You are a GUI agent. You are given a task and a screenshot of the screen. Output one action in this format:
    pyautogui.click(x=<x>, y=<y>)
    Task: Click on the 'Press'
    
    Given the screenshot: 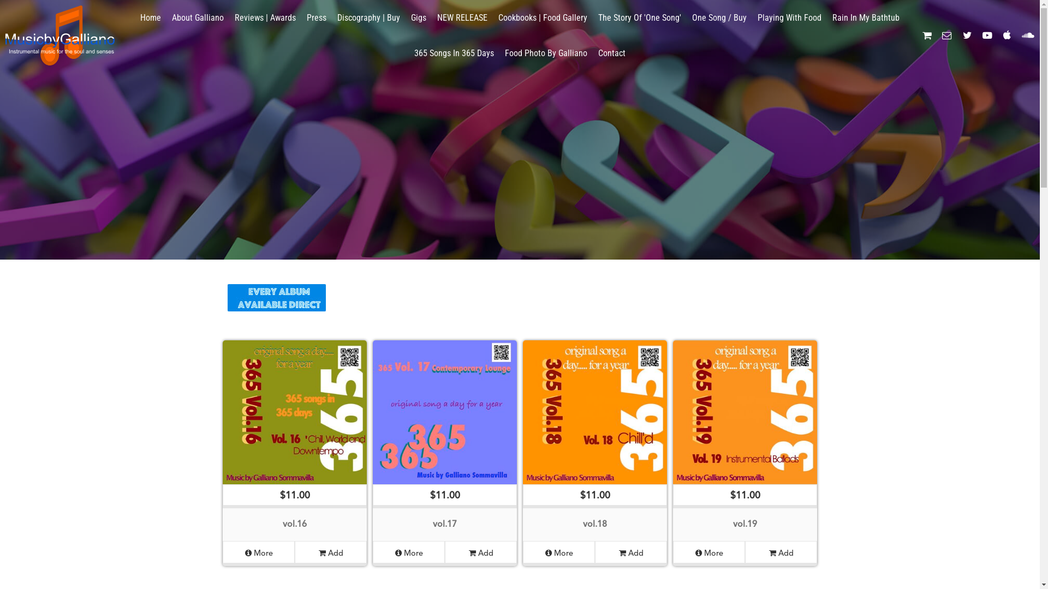 What is the action you would take?
    pyautogui.click(x=316, y=17)
    